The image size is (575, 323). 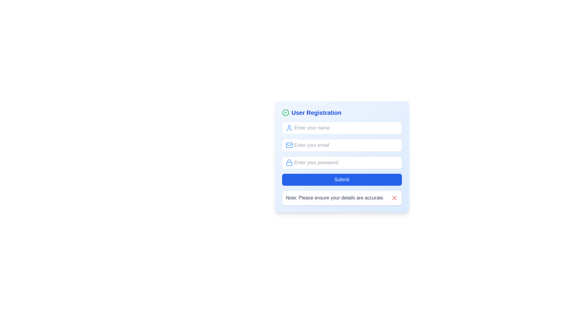 I want to click on the red 'X' icon, so click(x=342, y=198).